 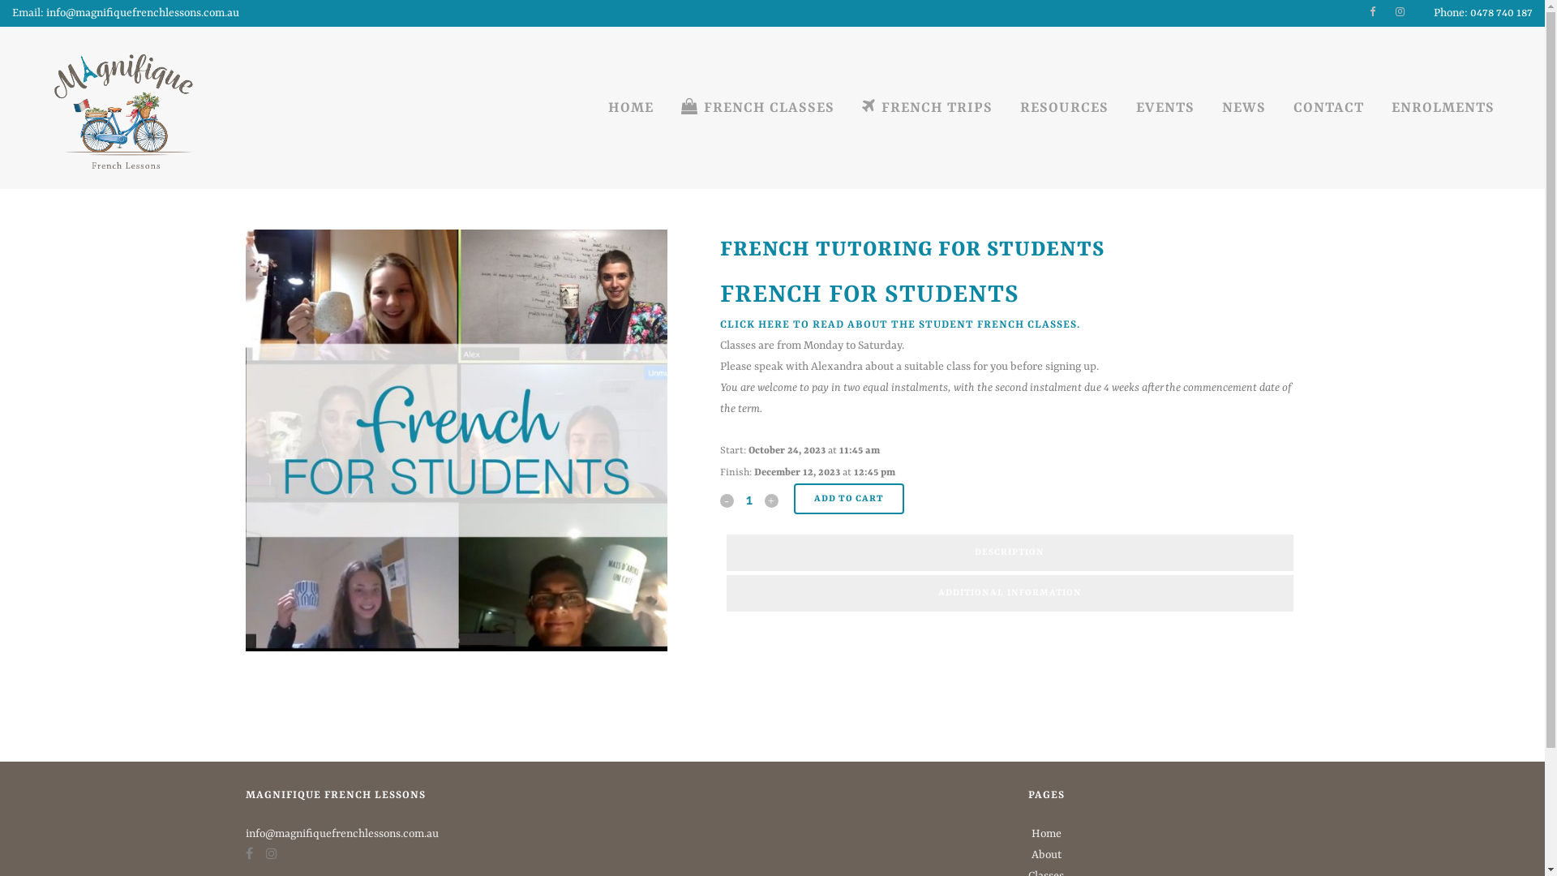 I want to click on '0478 740 187', so click(x=1500, y=12).